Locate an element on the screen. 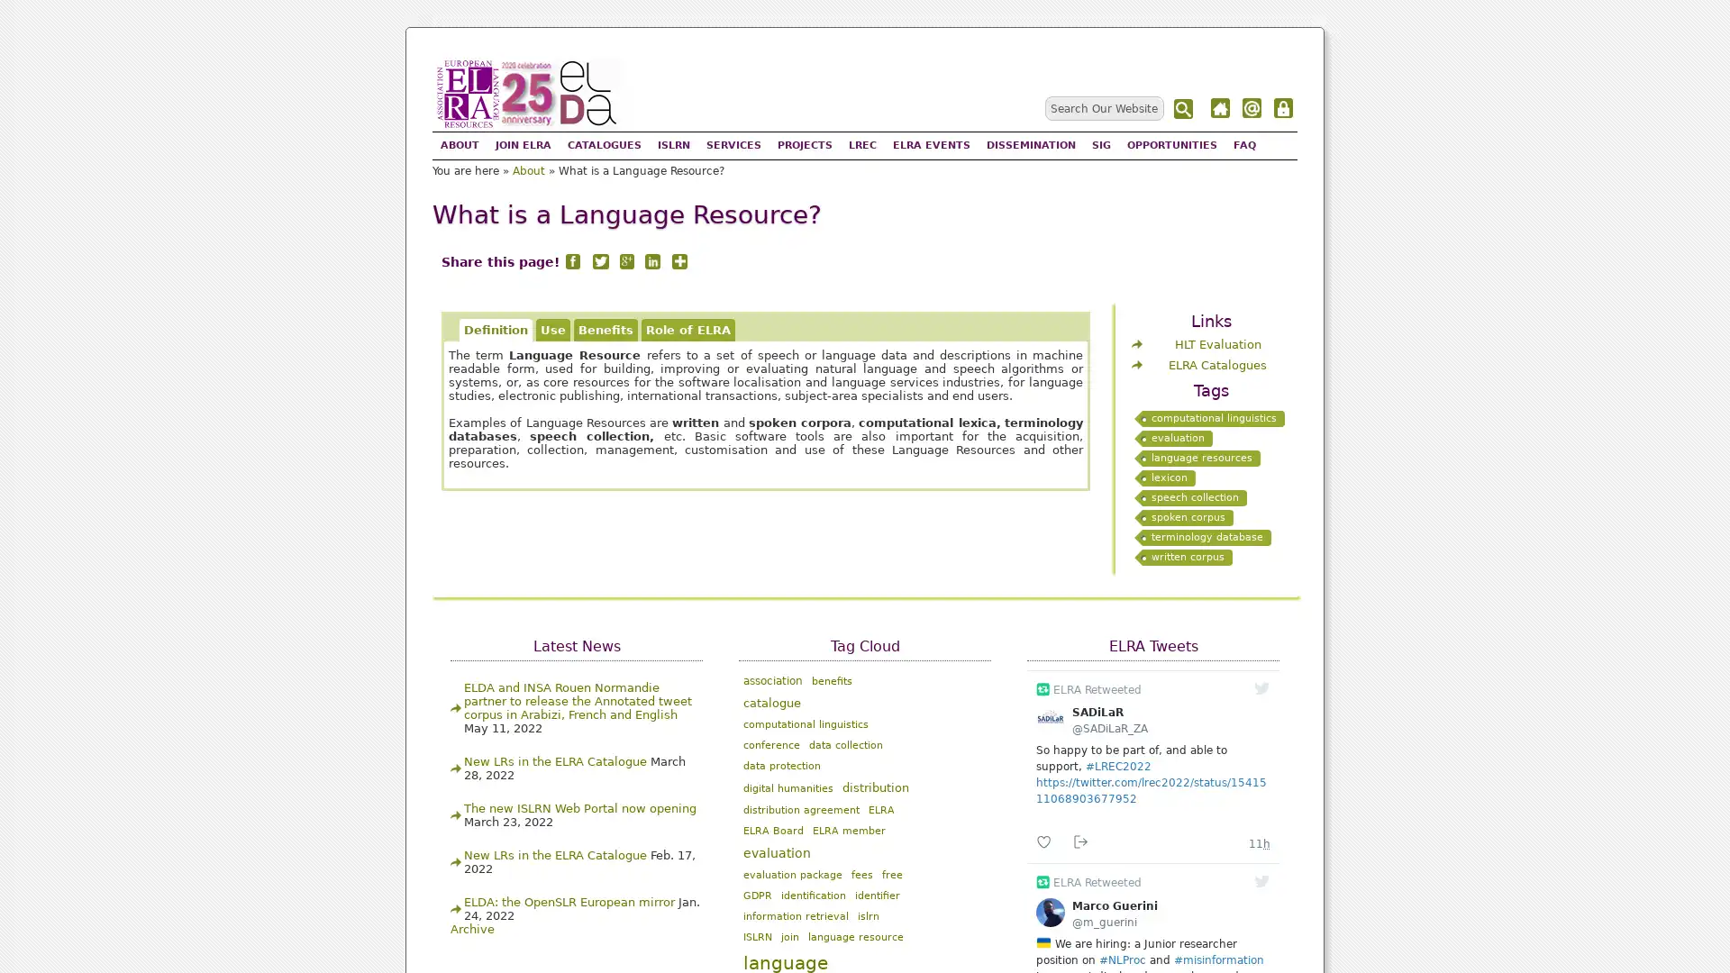 The image size is (1730, 973). search is located at coordinates (1185, 109).